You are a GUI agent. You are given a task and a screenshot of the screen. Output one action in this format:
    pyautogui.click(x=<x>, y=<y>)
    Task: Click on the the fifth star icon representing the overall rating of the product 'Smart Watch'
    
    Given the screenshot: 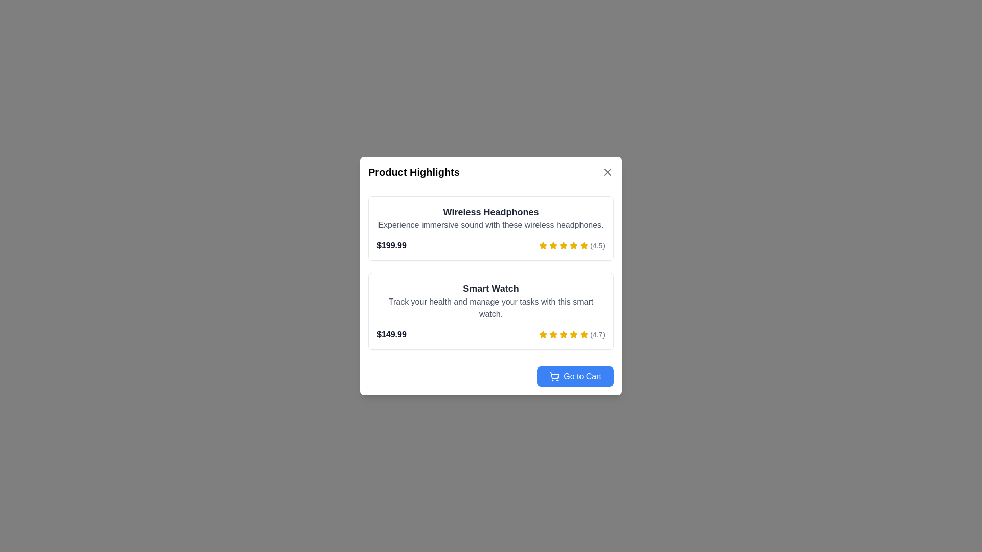 What is the action you would take?
    pyautogui.click(x=563, y=335)
    